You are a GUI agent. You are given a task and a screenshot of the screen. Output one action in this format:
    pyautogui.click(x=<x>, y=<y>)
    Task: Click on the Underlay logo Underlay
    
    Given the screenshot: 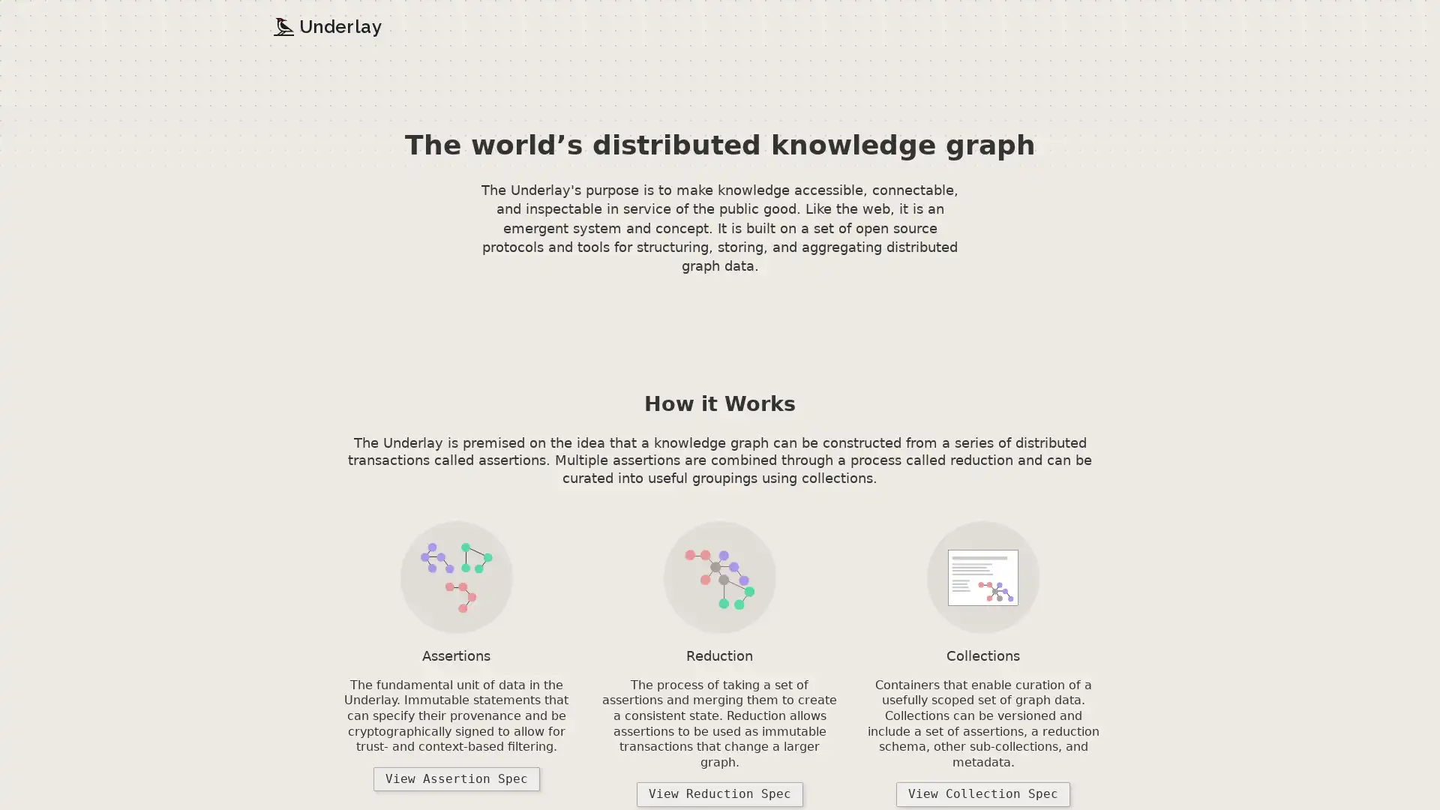 What is the action you would take?
    pyautogui.click(x=326, y=26)
    